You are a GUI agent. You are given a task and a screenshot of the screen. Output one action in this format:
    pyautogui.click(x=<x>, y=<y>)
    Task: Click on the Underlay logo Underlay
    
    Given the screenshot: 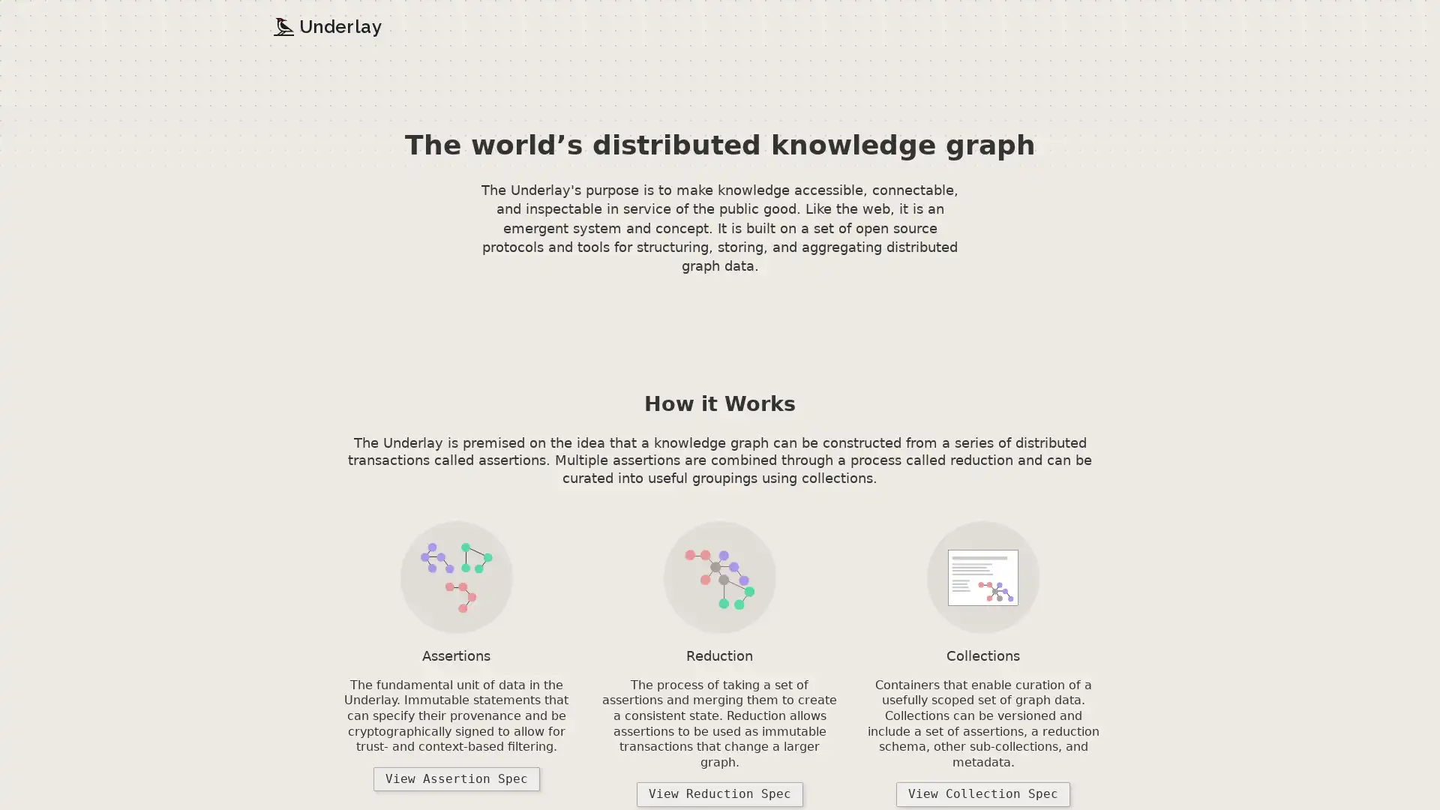 What is the action you would take?
    pyautogui.click(x=326, y=26)
    